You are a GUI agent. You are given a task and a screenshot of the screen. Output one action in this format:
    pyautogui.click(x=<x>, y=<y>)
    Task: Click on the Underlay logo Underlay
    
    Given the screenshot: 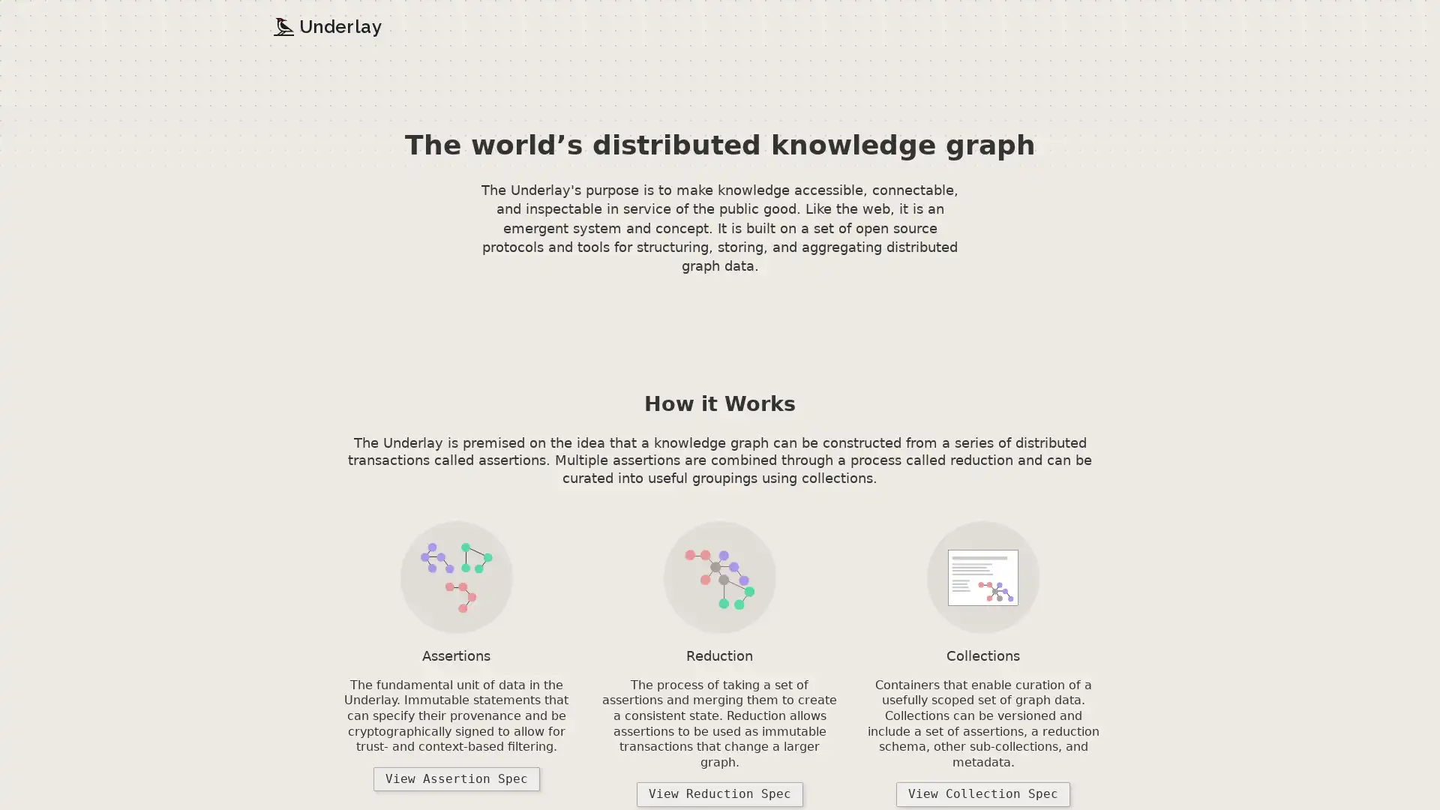 What is the action you would take?
    pyautogui.click(x=326, y=26)
    